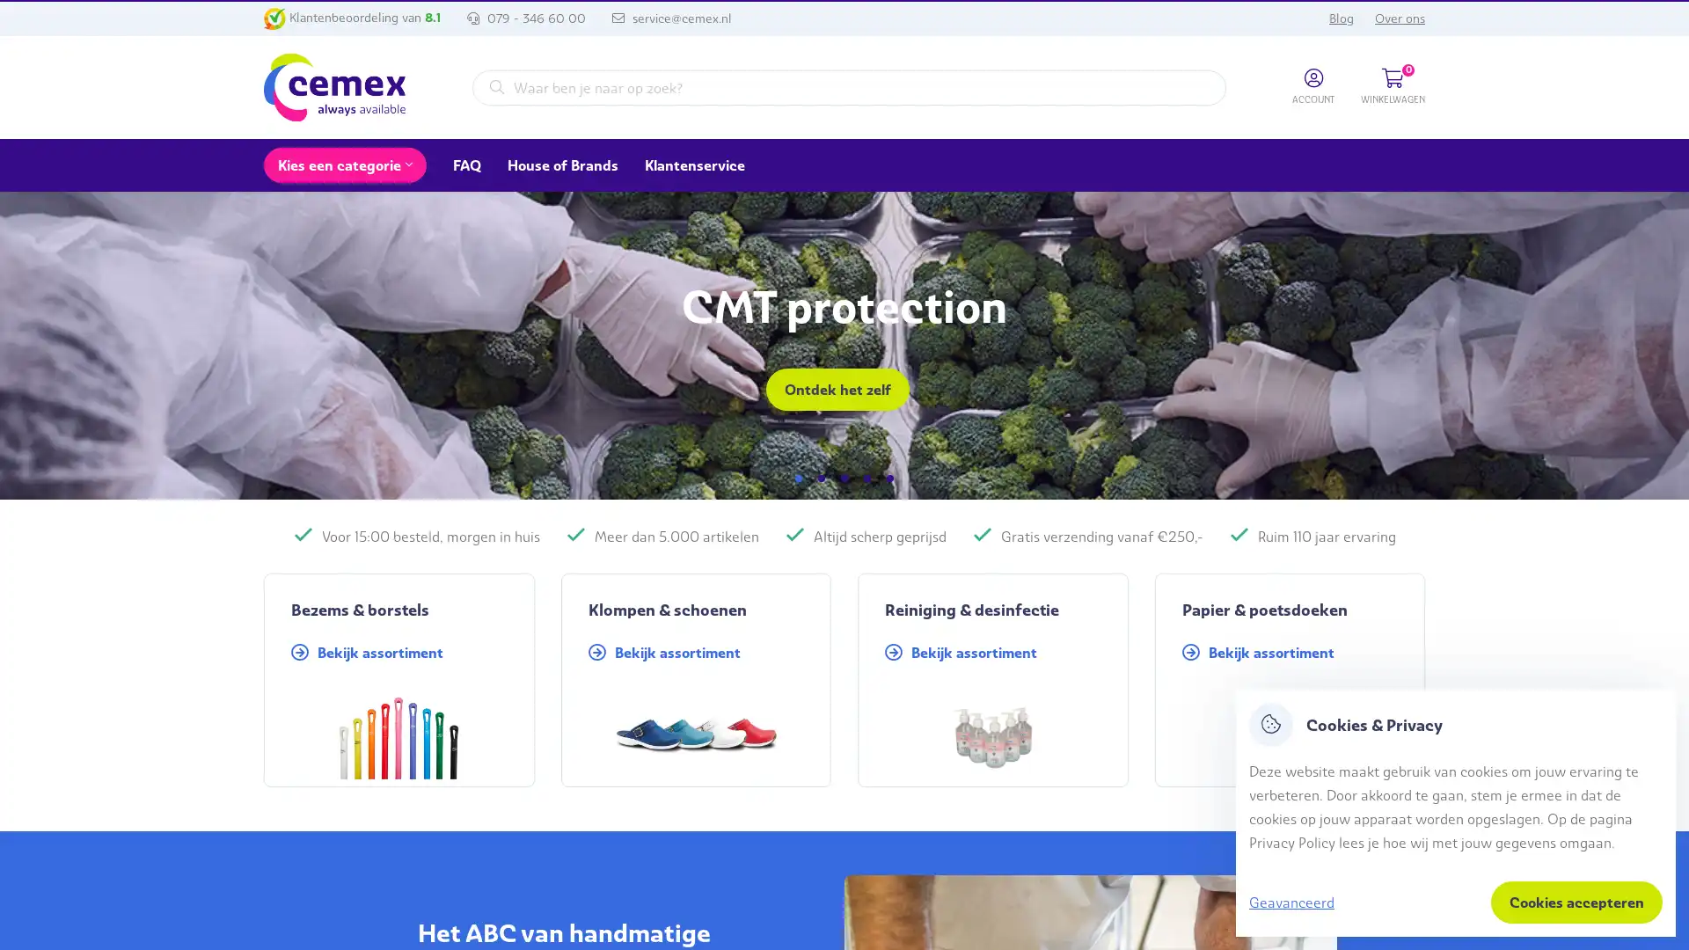 The height and width of the screenshot is (950, 1689). What do you see at coordinates (1291, 902) in the screenshot?
I see `Geavanceerd` at bounding box center [1291, 902].